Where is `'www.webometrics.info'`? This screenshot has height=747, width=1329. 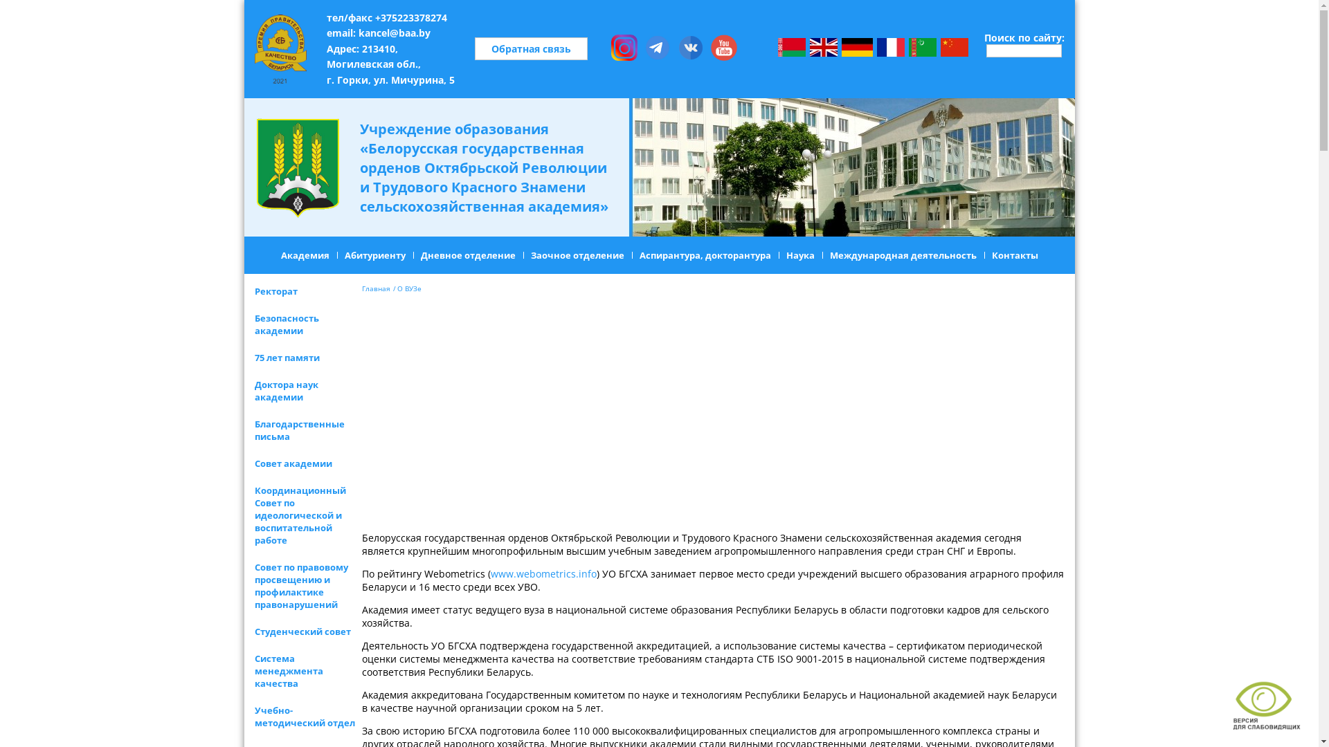 'www.webometrics.info' is located at coordinates (542, 573).